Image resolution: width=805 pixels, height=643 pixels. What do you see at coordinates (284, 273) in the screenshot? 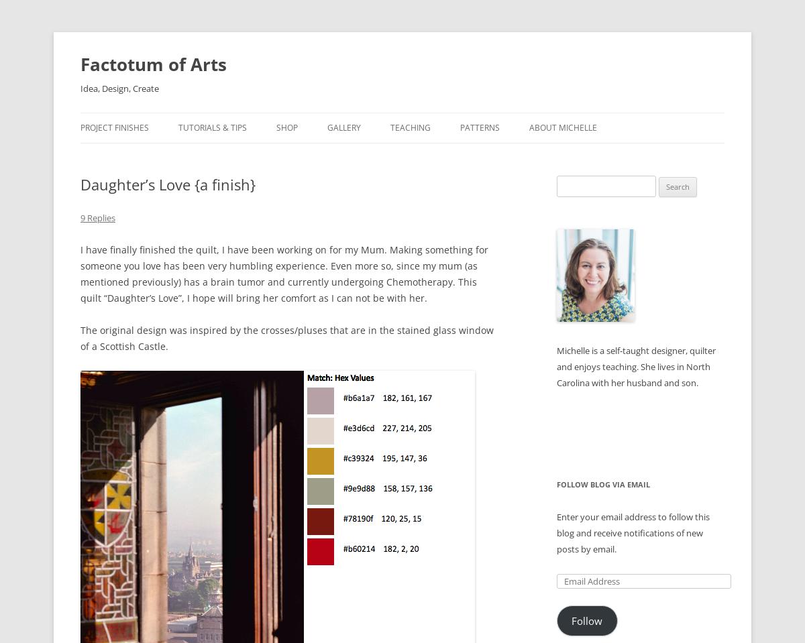
I see `'I have finally finished the quilt, I have been working on for my Mum. Making something for someone you love has been very humbling experience. Even more so, since my mum (as mentioned previously) has a brain tumor and currently undergoing Chemotherapy. This quilt “Daughter’s Love”, I hope will bring her comfort as I can not be with her.'` at bounding box center [284, 273].